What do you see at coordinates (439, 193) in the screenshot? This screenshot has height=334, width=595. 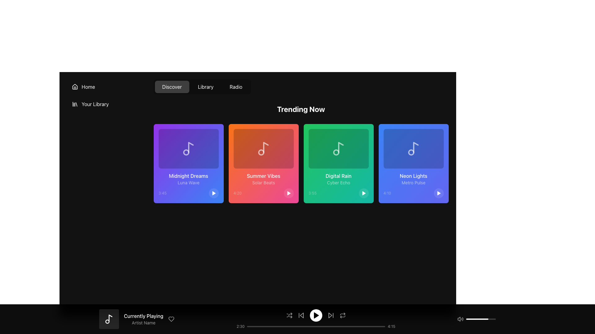 I see `the triangular play button icon located in the bottom-right corner of the 'Neon Lights' track card` at bounding box center [439, 193].